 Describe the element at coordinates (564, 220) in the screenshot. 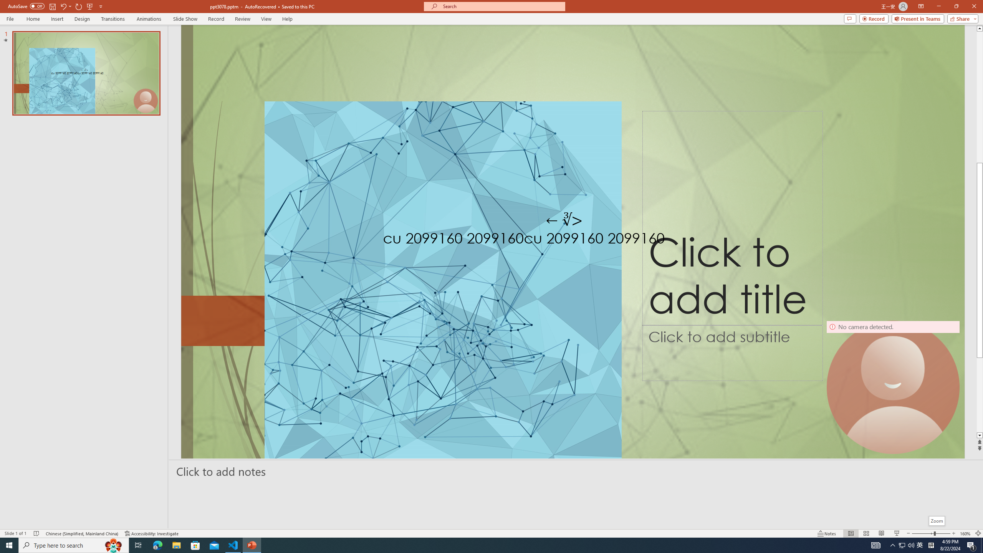

I see `'TextBox 7'` at that location.